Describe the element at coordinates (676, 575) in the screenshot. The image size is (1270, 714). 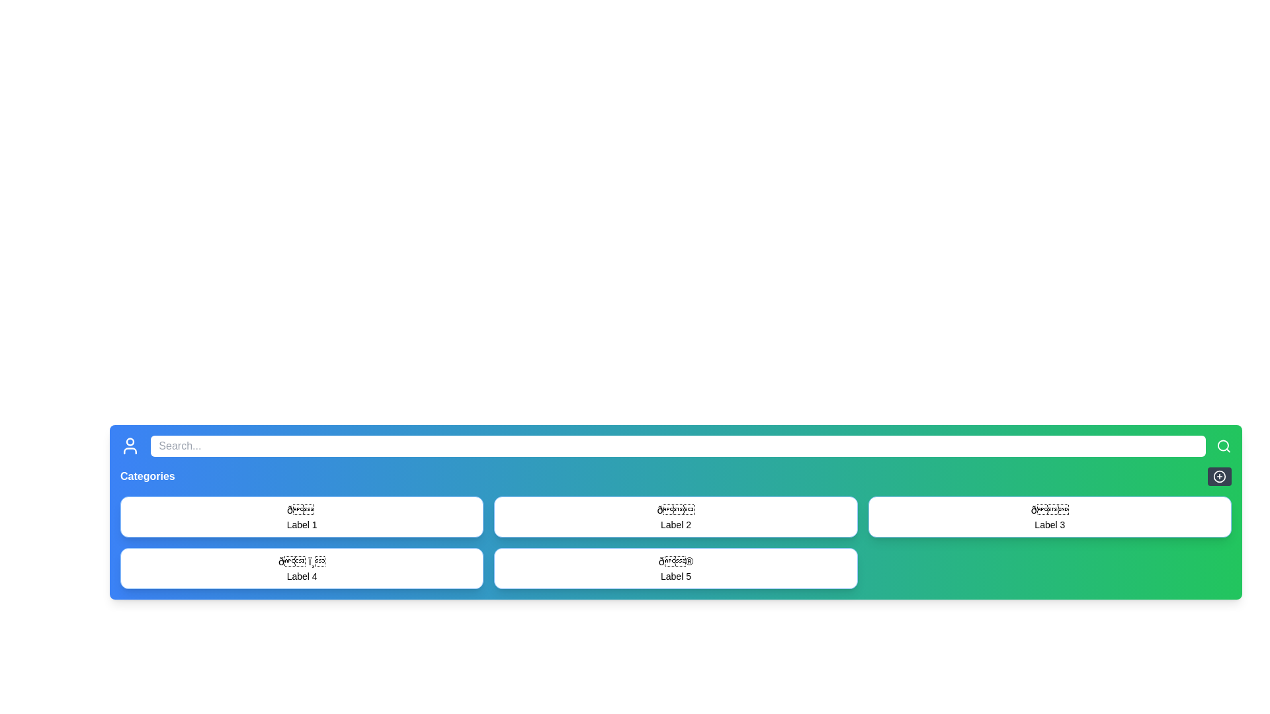
I see `text content of the Text Label that displays 'Label 5', which is located below a graphical symbol in the bottom-right section of a grid layout` at that location.